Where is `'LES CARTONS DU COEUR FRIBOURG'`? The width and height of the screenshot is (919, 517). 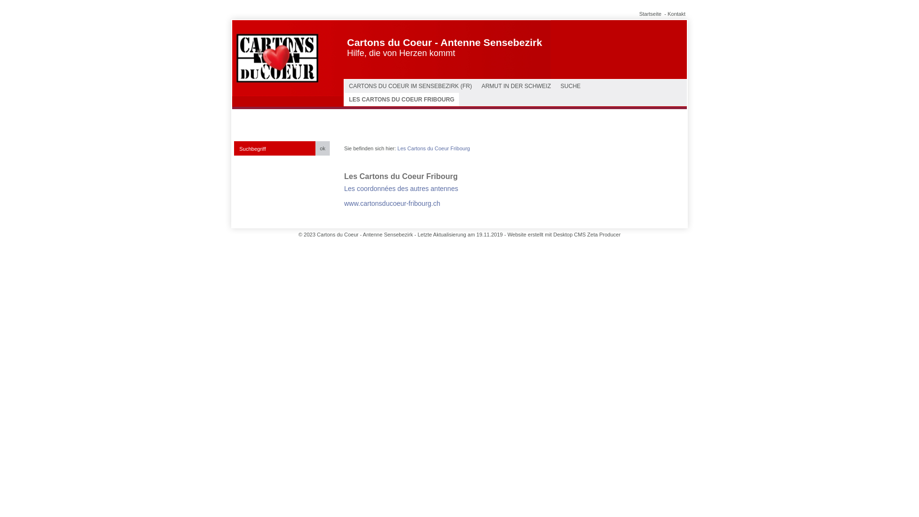
'LES CARTONS DU COEUR FRIBOURG' is located at coordinates (402, 100).